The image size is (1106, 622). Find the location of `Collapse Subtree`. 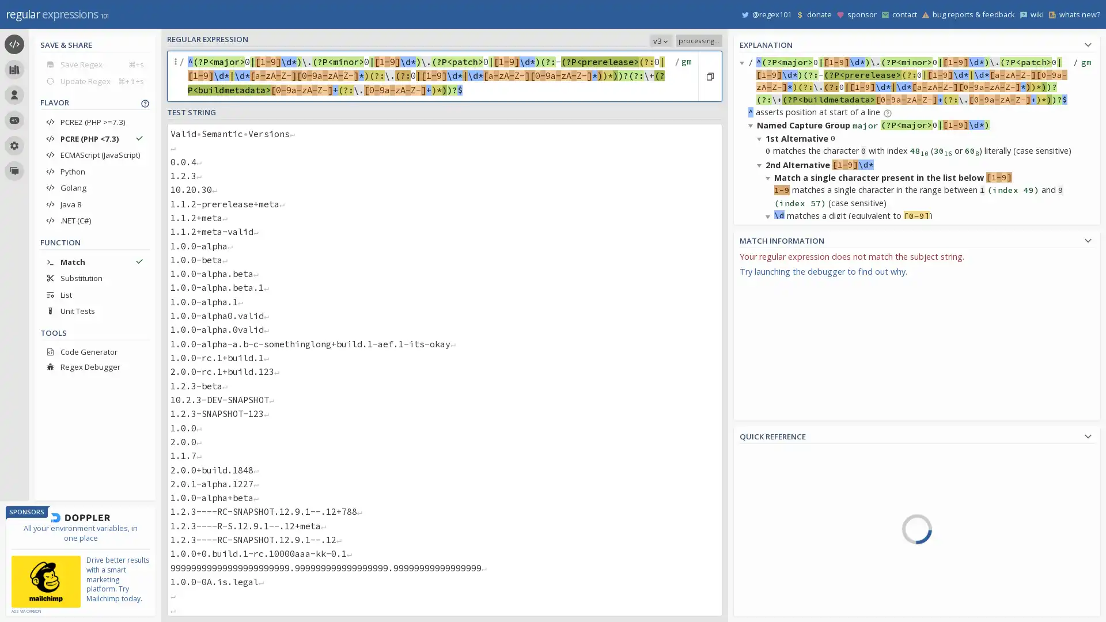

Collapse Subtree is located at coordinates (770, 321).